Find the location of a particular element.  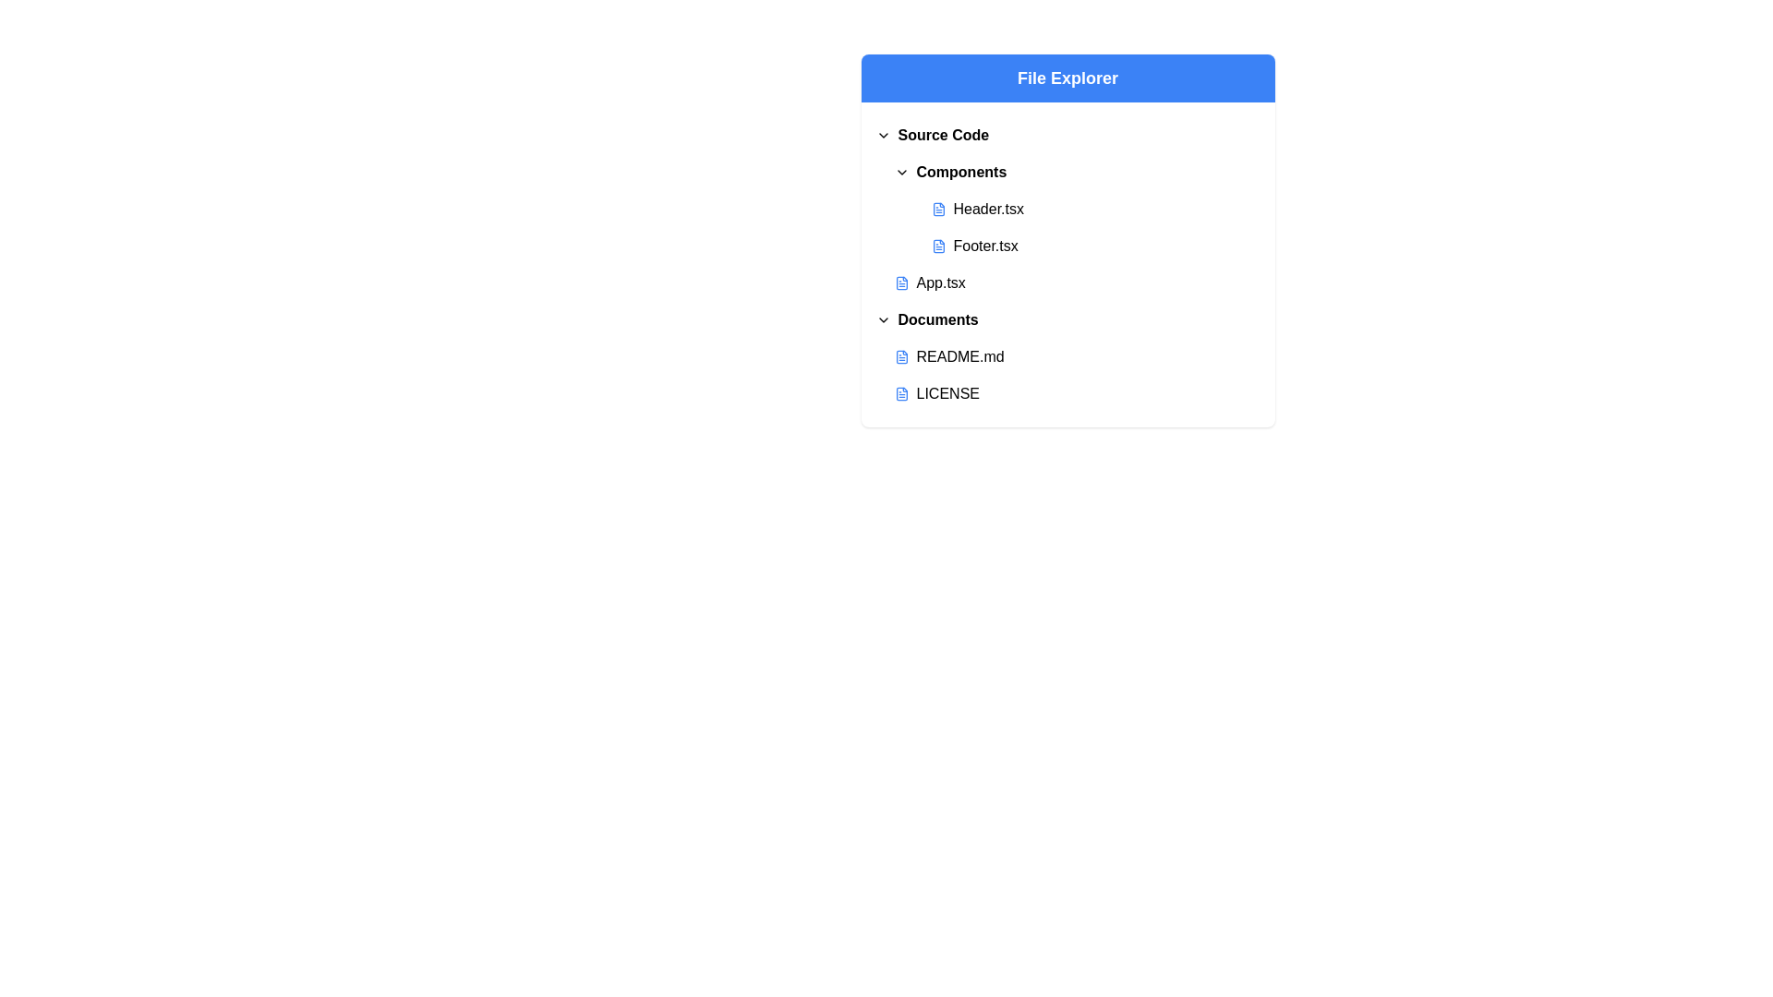

the 'LICENSE' file entry in the Documents section of the file explorer is located at coordinates (1077, 393).